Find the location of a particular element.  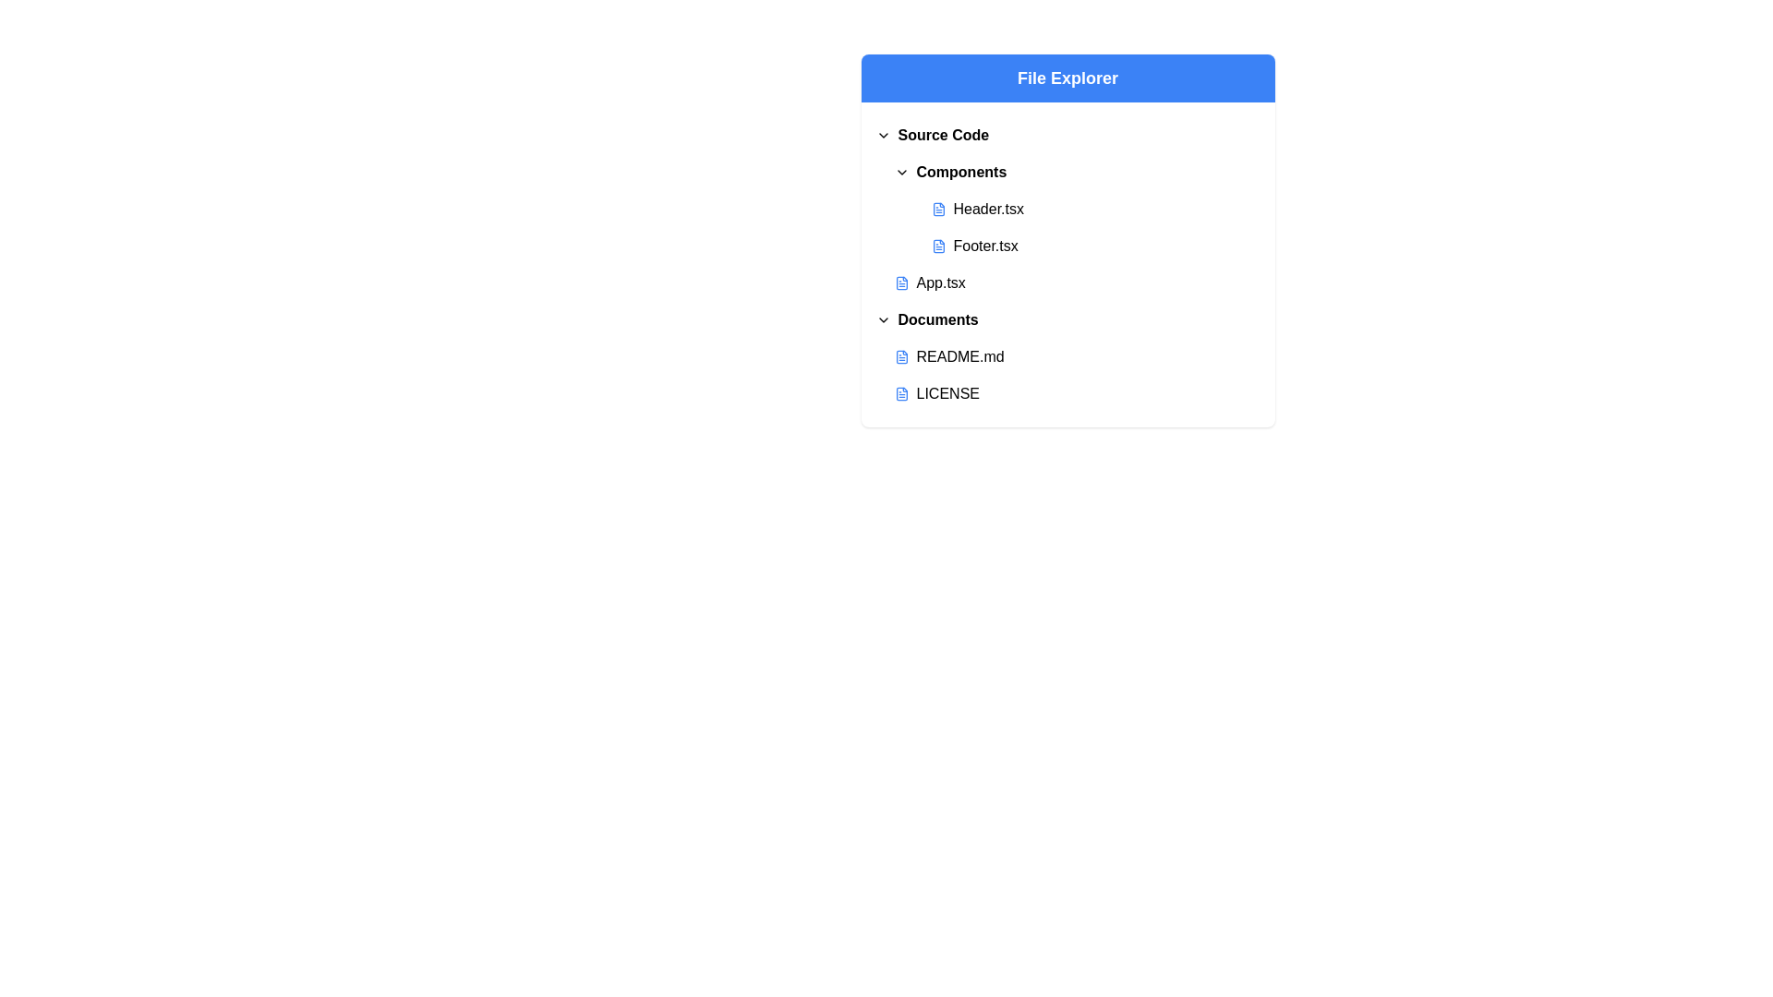

the 'LICENSE' file entry in the Documents section of the file explorer is located at coordinates (1077, 393).